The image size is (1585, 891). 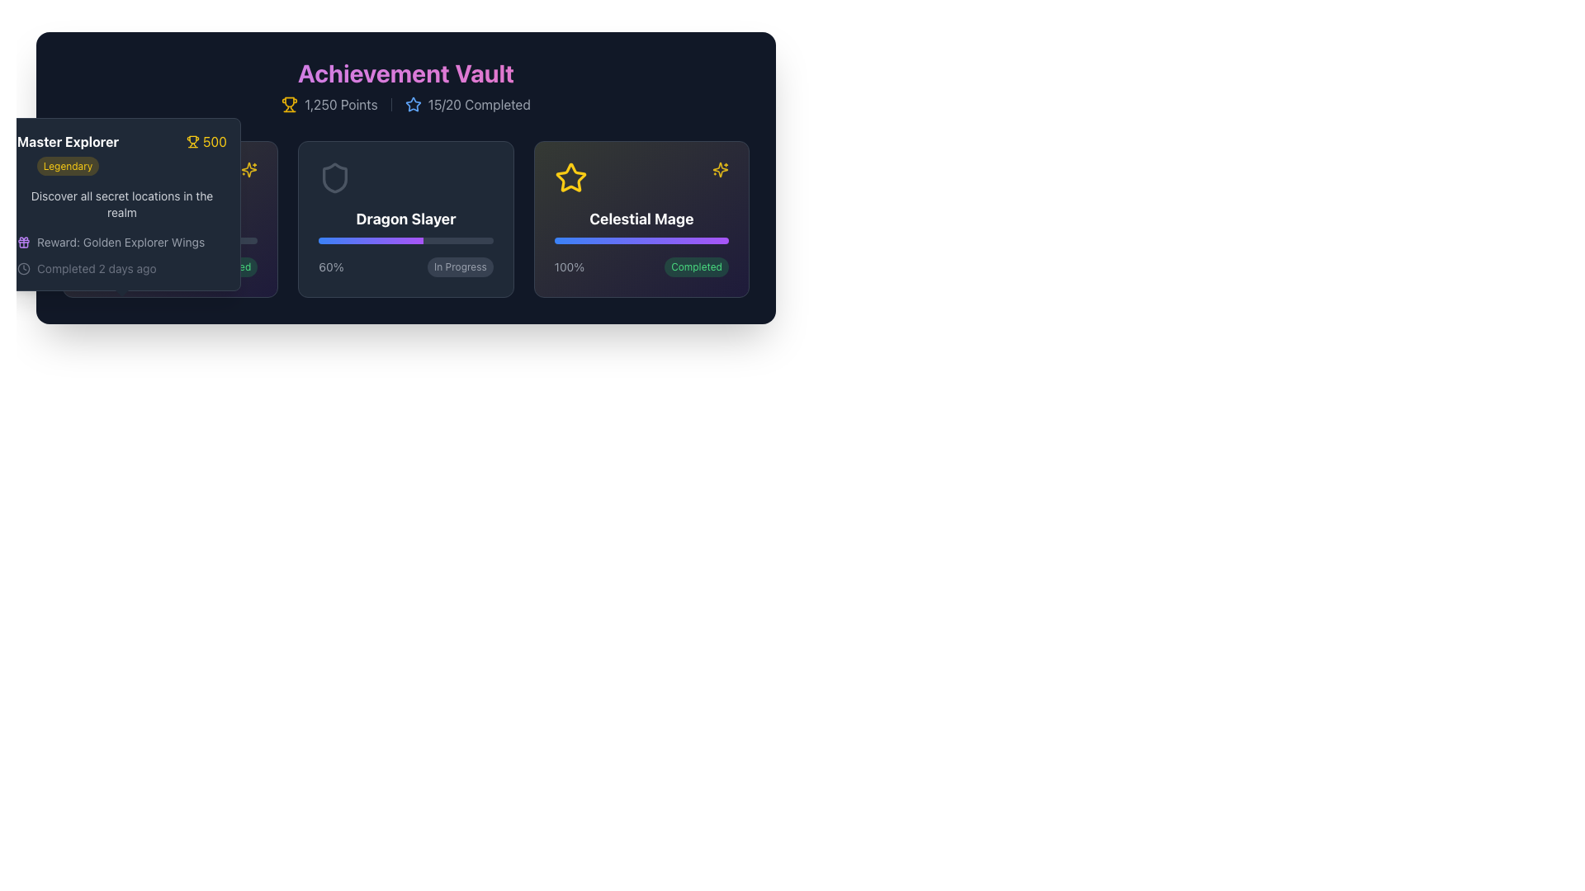 I want to click on the progress bar located at the bottom of the 'Celestial Mage' card, which visually represents the progress or completion percentage for the associated goal or task, so click(x=641, y=241).